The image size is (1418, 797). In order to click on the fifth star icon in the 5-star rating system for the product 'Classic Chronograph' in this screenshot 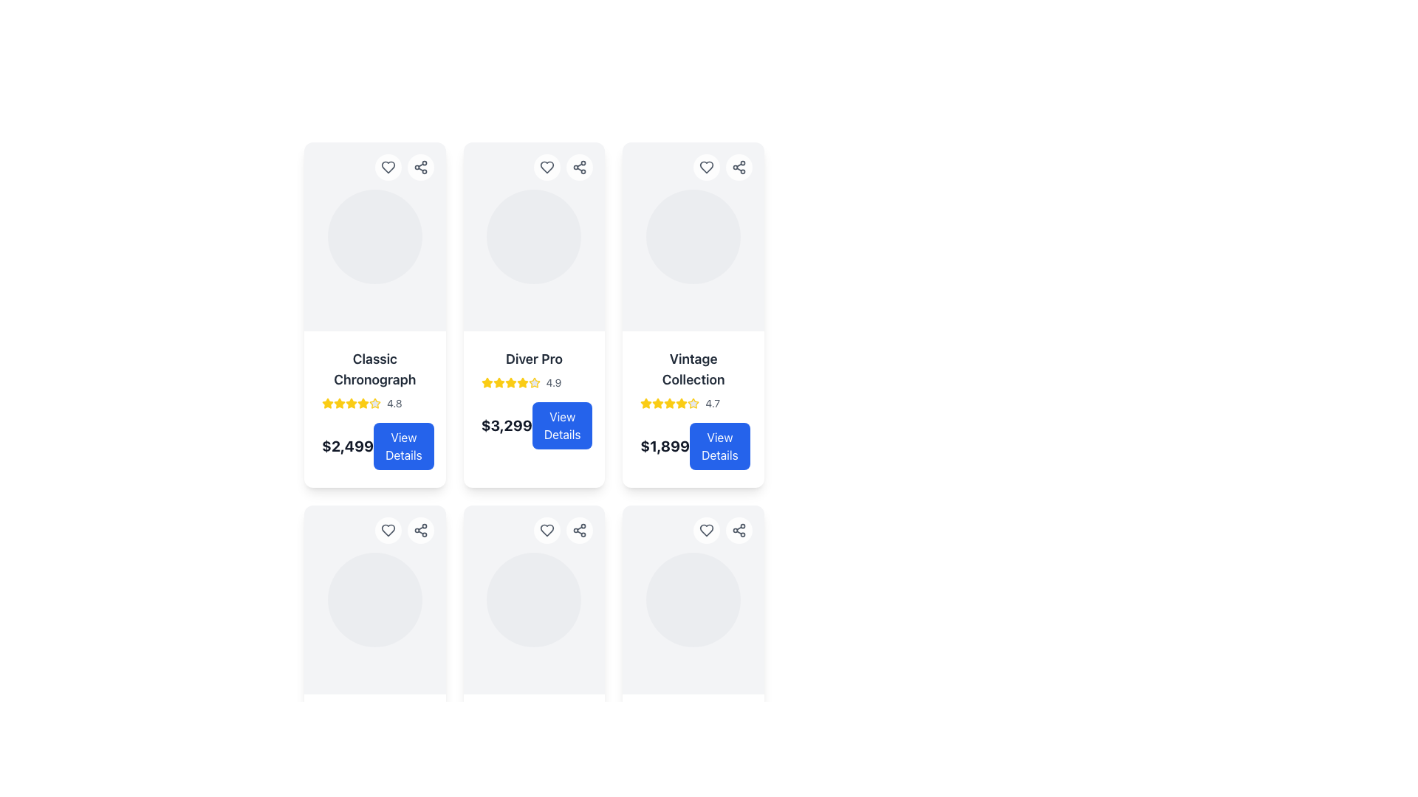, I will do `click(375, 404)`.